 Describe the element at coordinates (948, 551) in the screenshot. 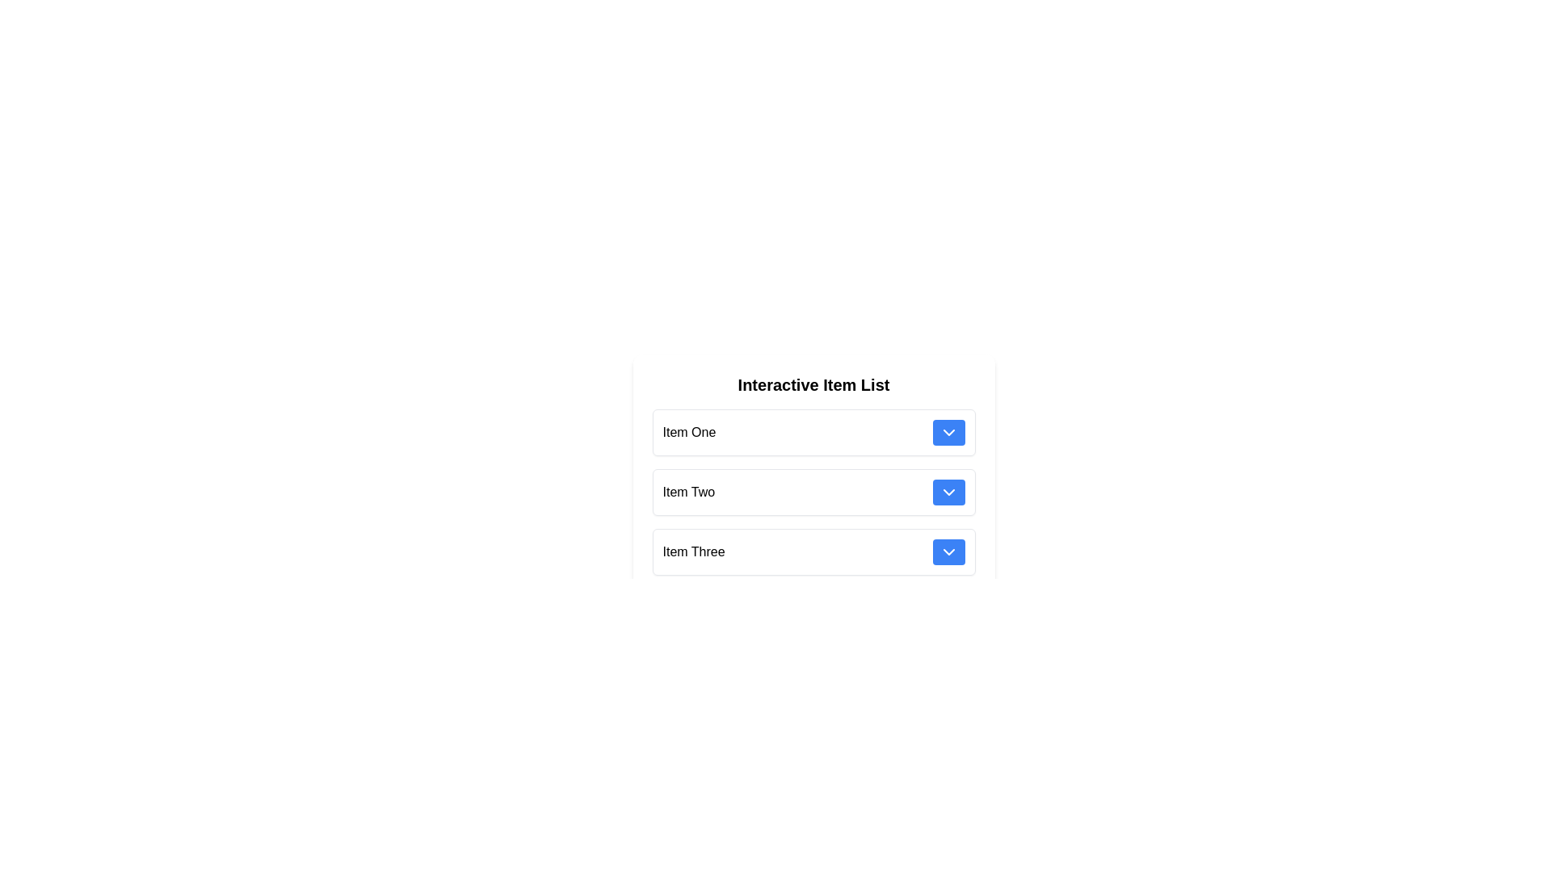

I see `the button located at the rightmost side of the 'Item Three' row` at that location.